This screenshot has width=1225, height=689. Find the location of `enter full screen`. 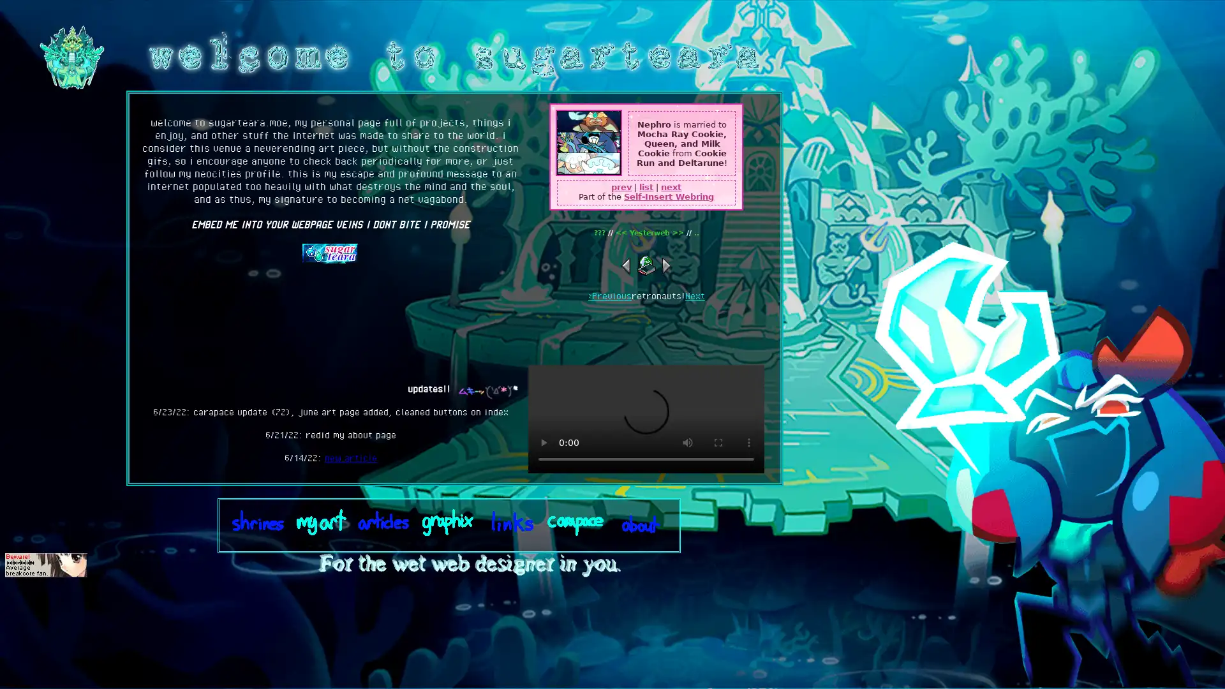

enter full screen is located at coordinates (718, 442).